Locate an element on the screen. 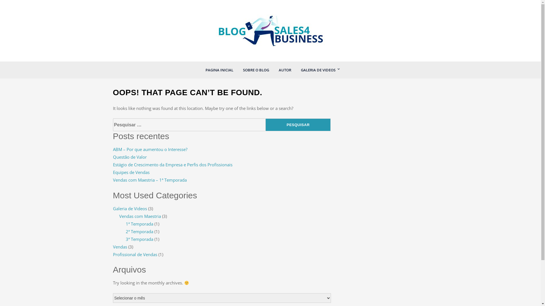 The height and width of the screenshot is (306, 545). 'AUTOR' is located at coordinates (285, 69).